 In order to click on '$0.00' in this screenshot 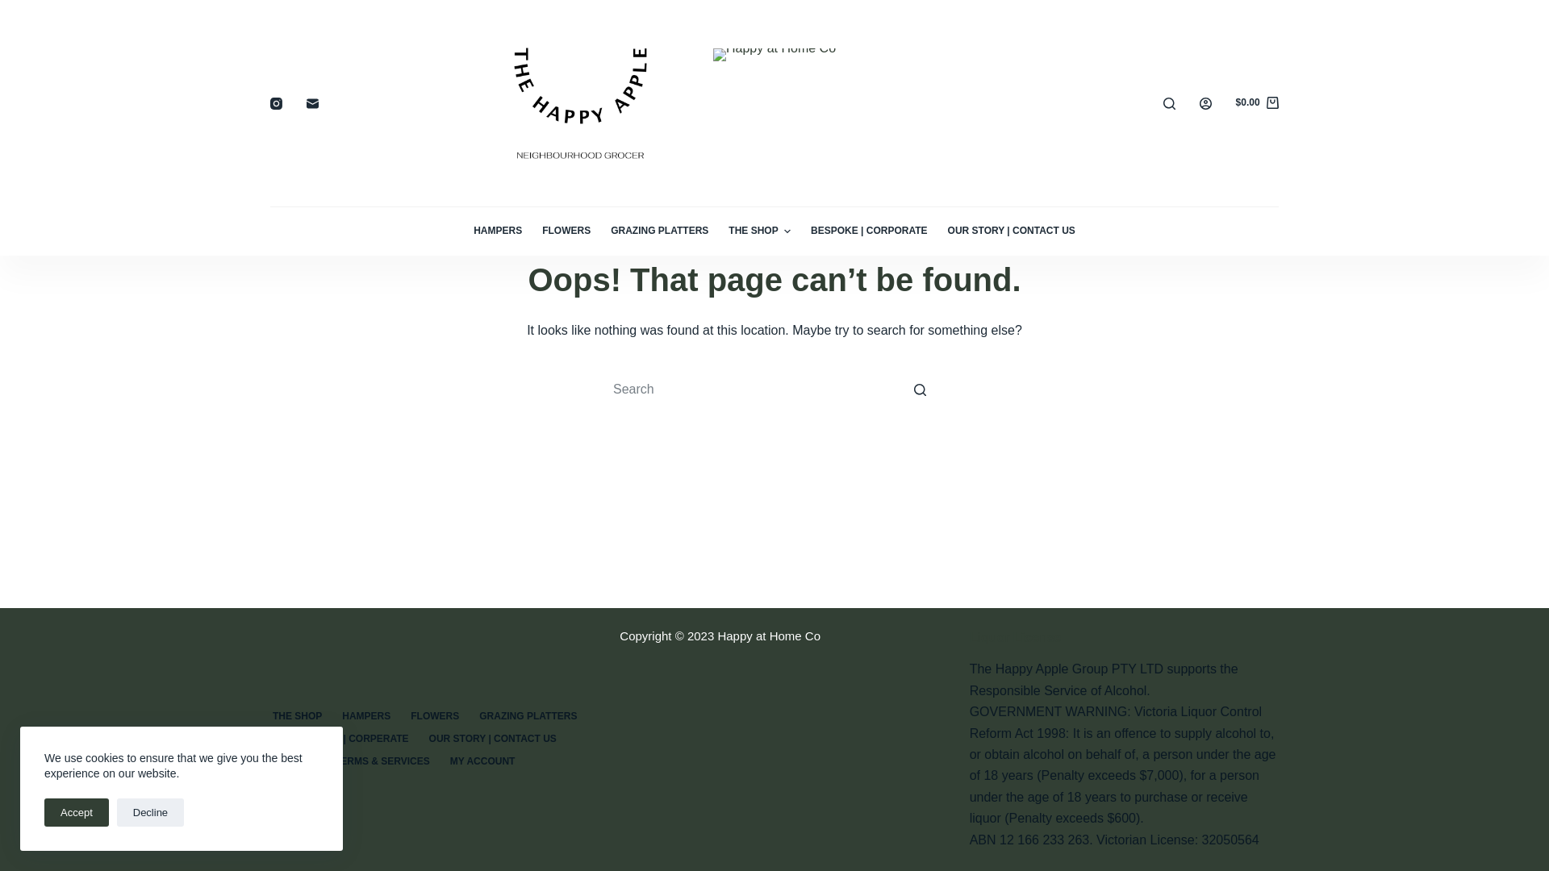, I will do `click(1256, 102)`.